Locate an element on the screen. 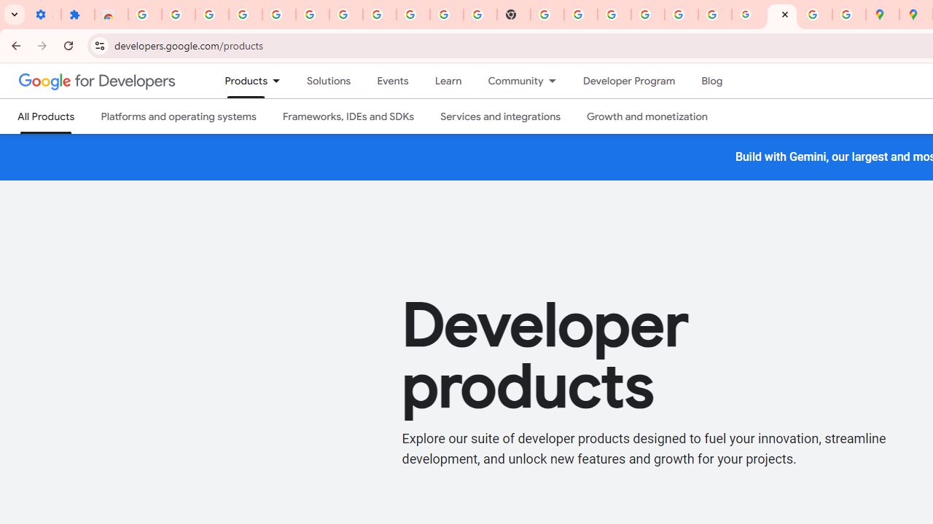 This screenshot has width=933, height=524. 'Extensions' is located at coordinates (77, 15).